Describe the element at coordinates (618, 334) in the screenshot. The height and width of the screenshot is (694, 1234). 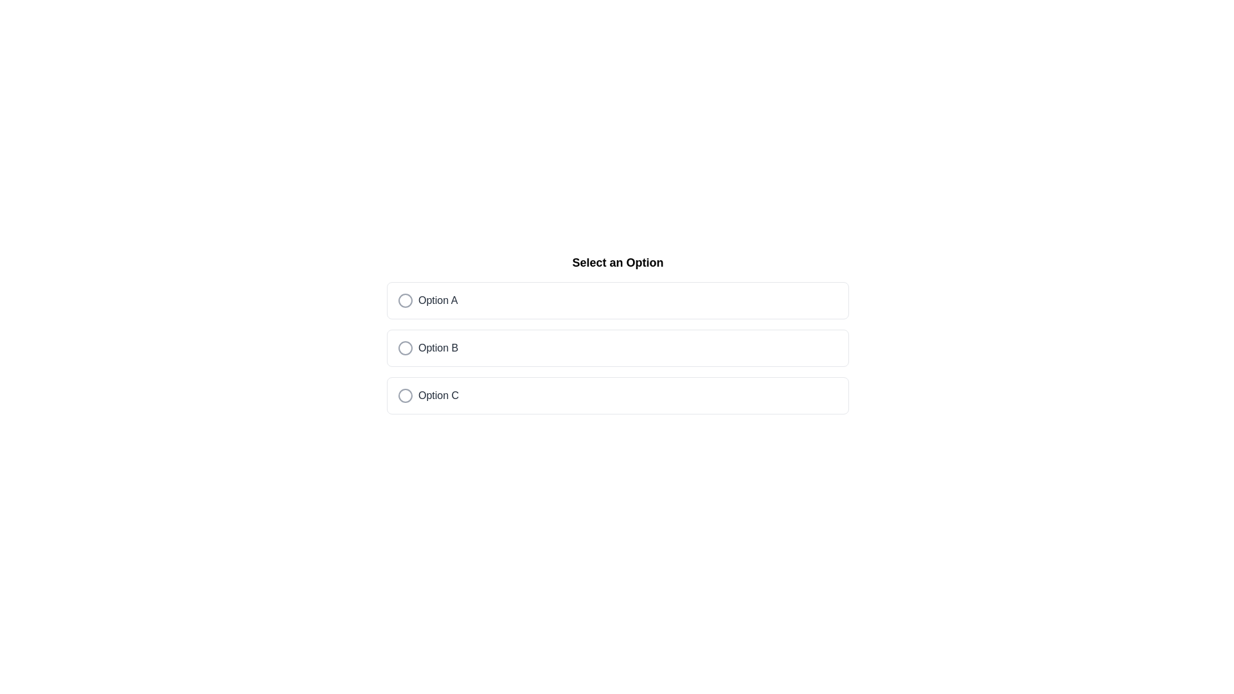
I see `one of the options in the 'Select an Option' list` at that location.